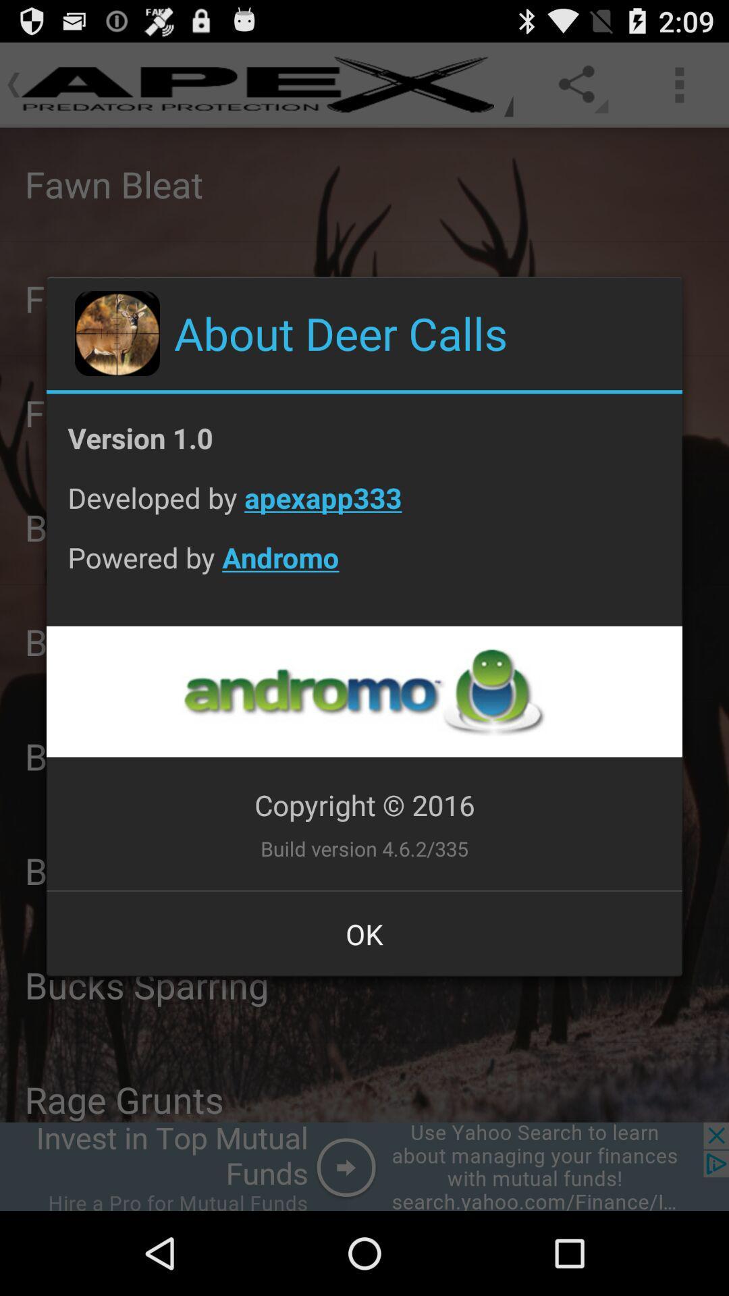  I want to click on icon below version 1.0 icon, so click(364, 508).